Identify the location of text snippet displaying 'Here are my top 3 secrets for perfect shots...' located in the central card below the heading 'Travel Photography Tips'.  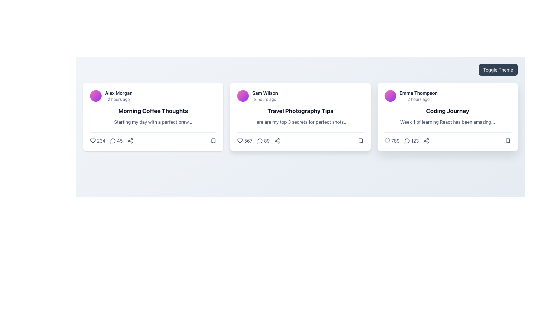
(300, 121).